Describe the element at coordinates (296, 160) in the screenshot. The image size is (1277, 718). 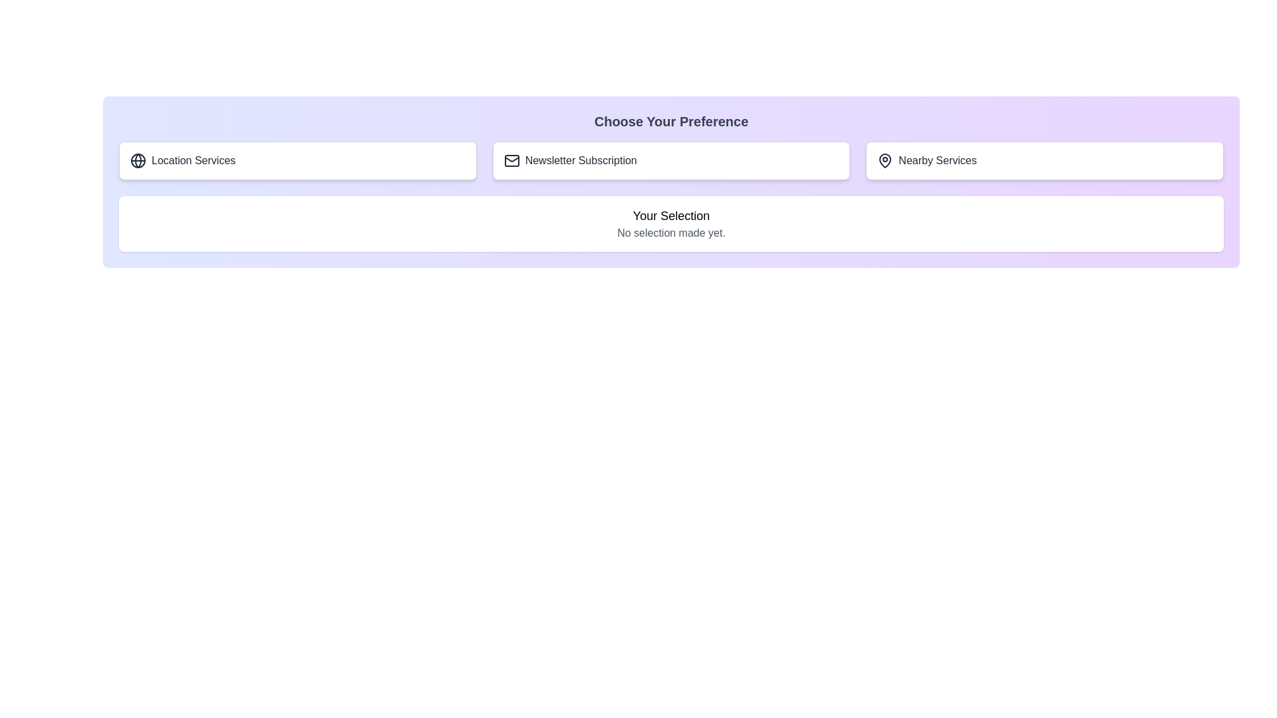
I see `the button labeled Location Services to observe its hover effect` at that location.